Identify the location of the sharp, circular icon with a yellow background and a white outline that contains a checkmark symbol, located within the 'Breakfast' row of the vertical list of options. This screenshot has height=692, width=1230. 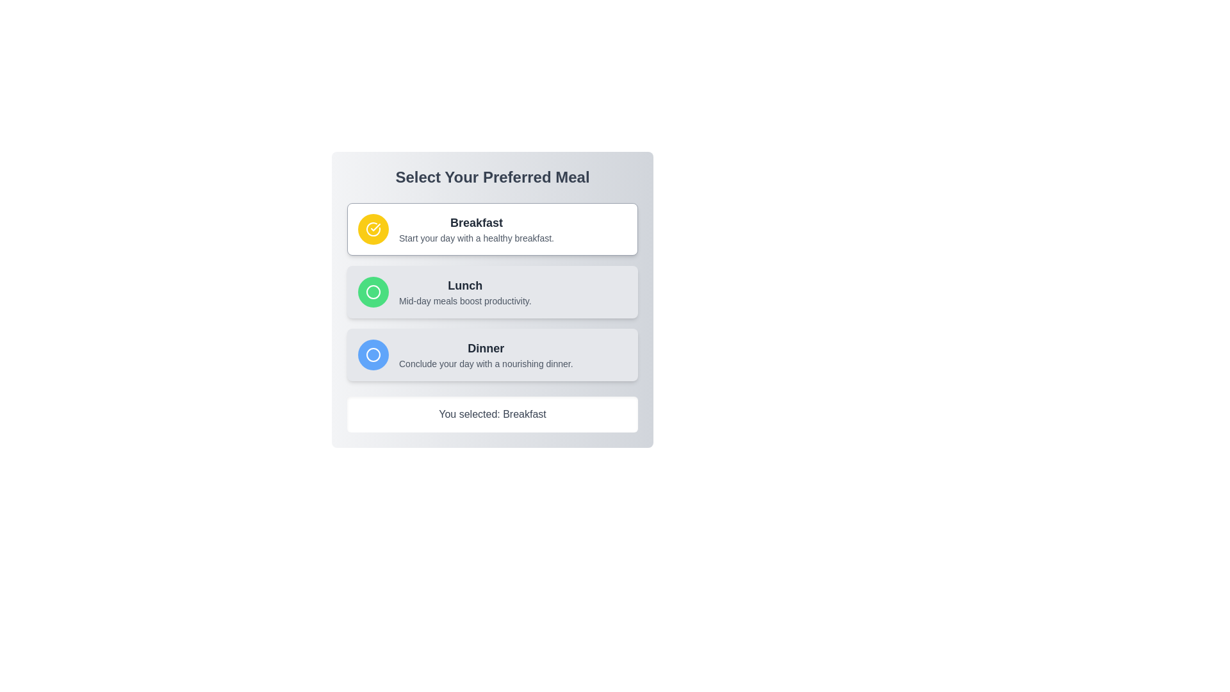
(372, 229).